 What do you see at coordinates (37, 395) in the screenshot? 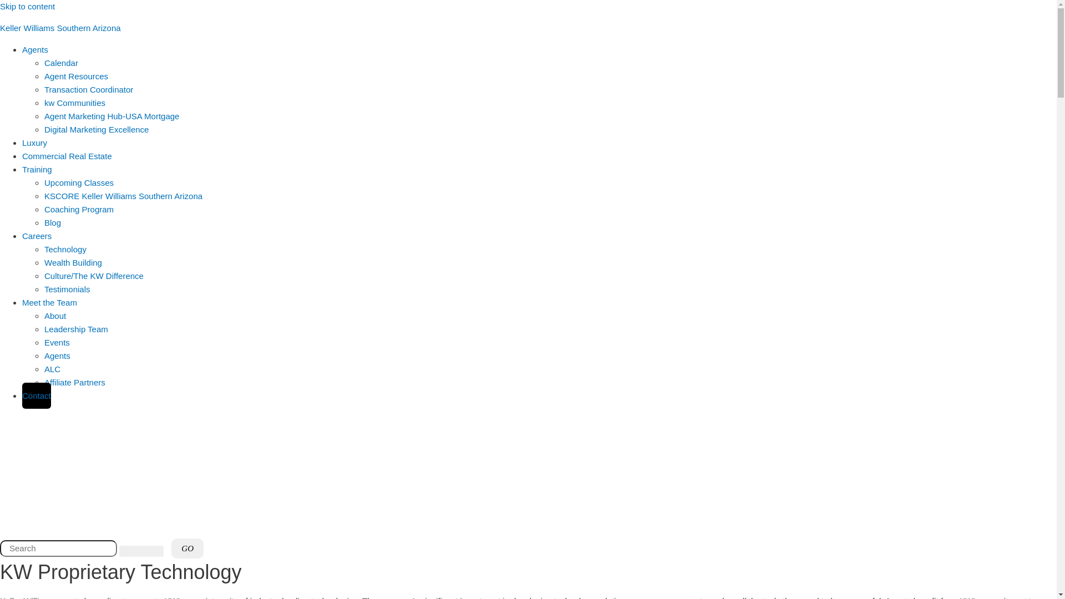
I see `'Contact'` at bounding box center [37, 395].